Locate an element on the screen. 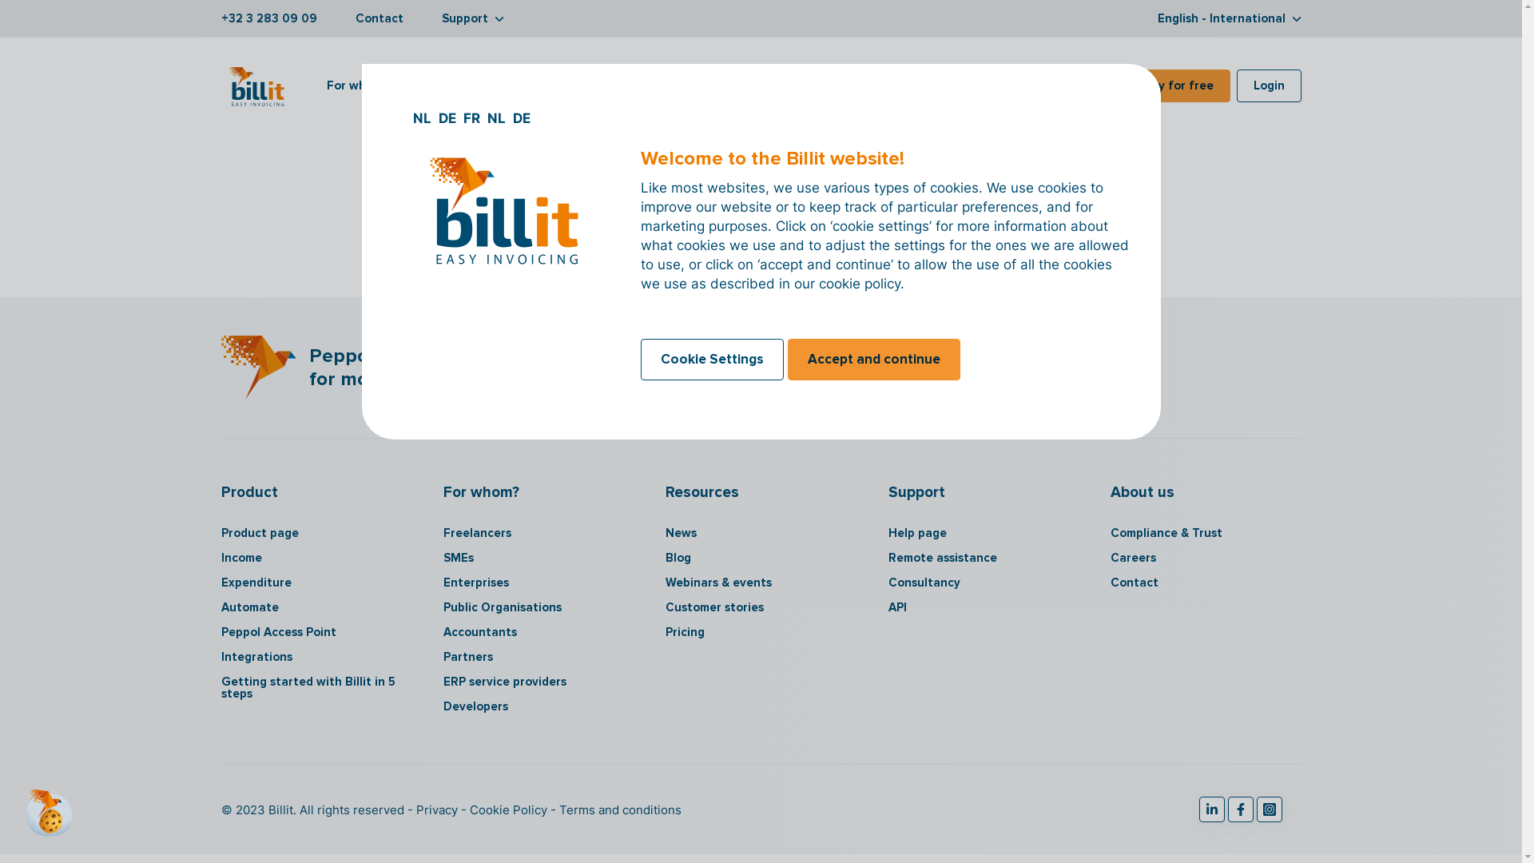 The image size is (1534, 863). 'DE' is located at coordinates (513, 117).